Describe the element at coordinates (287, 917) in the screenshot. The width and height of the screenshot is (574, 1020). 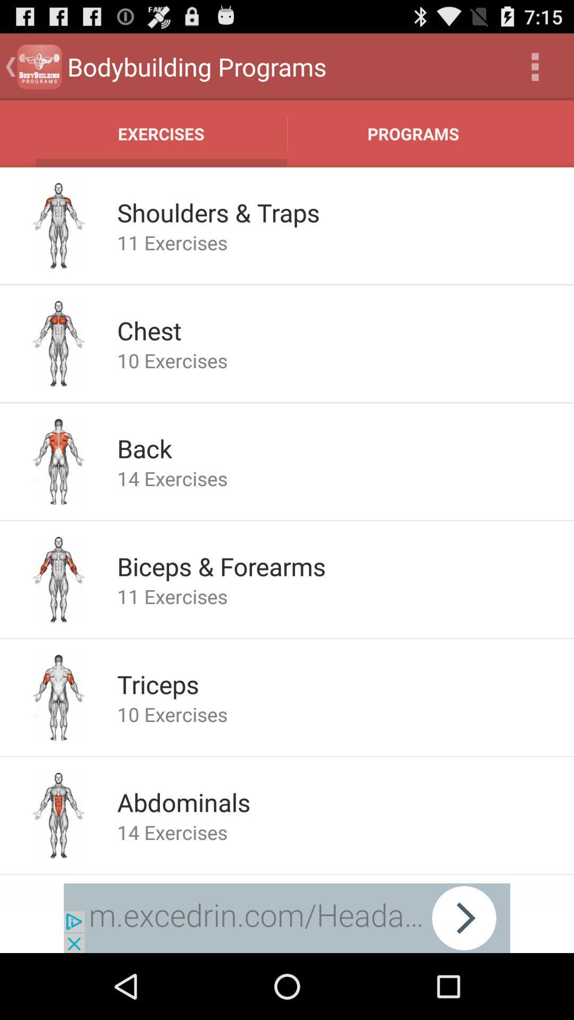
I see `announcement` at that location.